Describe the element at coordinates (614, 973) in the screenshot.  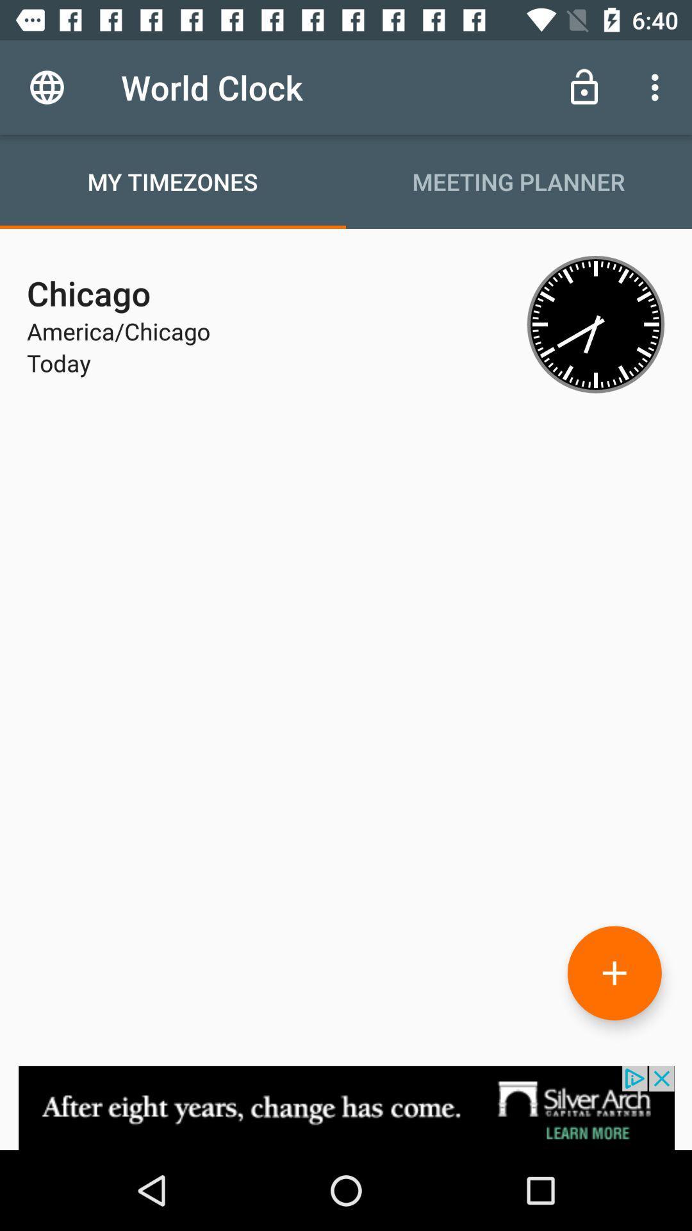
I see `a new clock` at that location.